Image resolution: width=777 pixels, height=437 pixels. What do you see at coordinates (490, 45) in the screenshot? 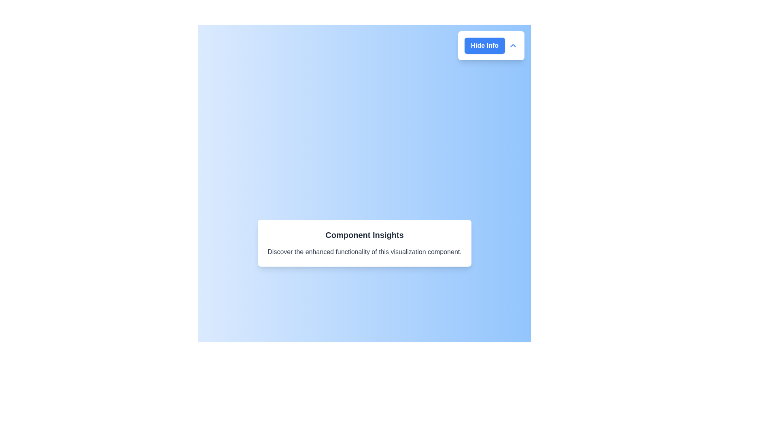
I see `the button with a chevron icon located at the top-right corner of the interface` at bounding box center [490, 45].